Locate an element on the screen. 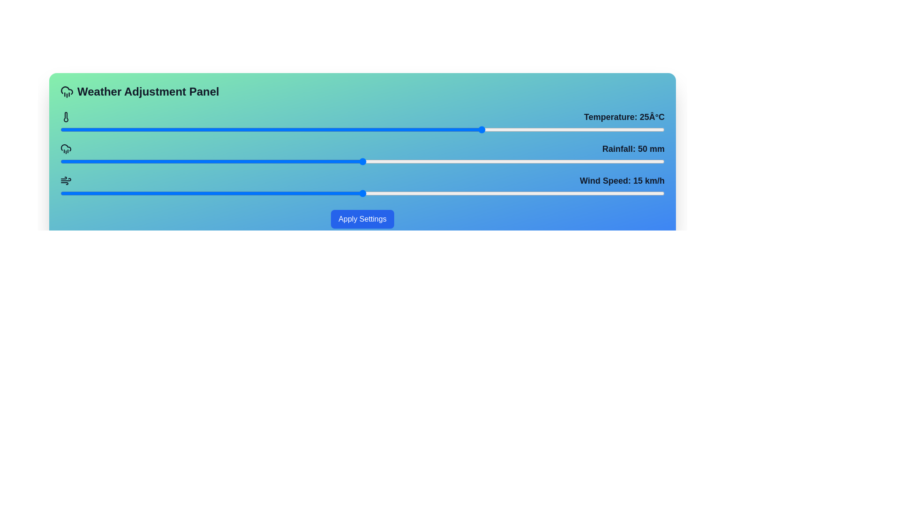 The height and width of the screenshot is (506, 900). the slider handle of the 'Temperature: 25°C' slider is located at coordinates (362, 122).